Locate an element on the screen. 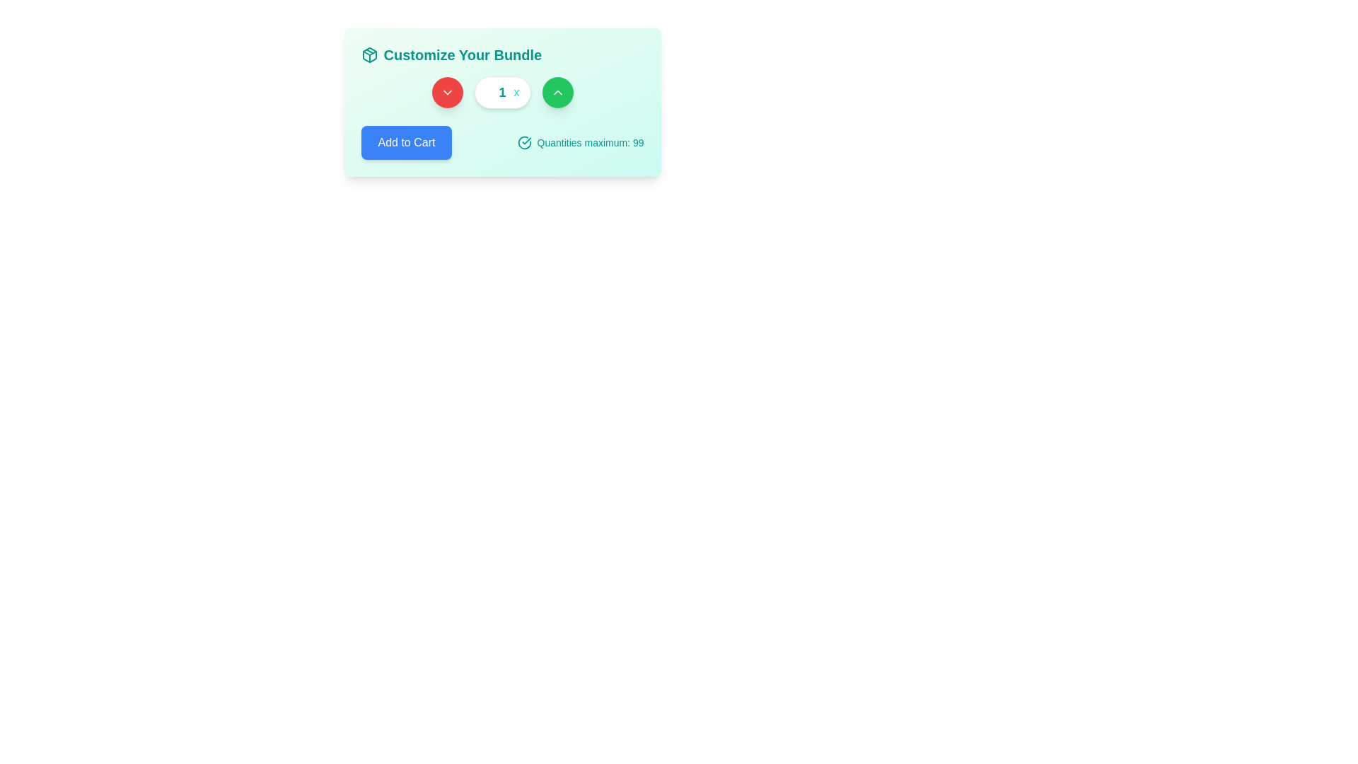  the vivid green circular button with a white upward-pointing chevron icon for accessibility is located at coordinates (557, 93).